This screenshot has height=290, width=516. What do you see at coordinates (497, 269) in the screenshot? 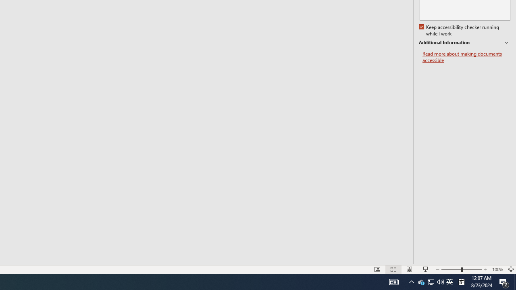
I see `'Zoom 100%'` at bounding box center [497, 269].